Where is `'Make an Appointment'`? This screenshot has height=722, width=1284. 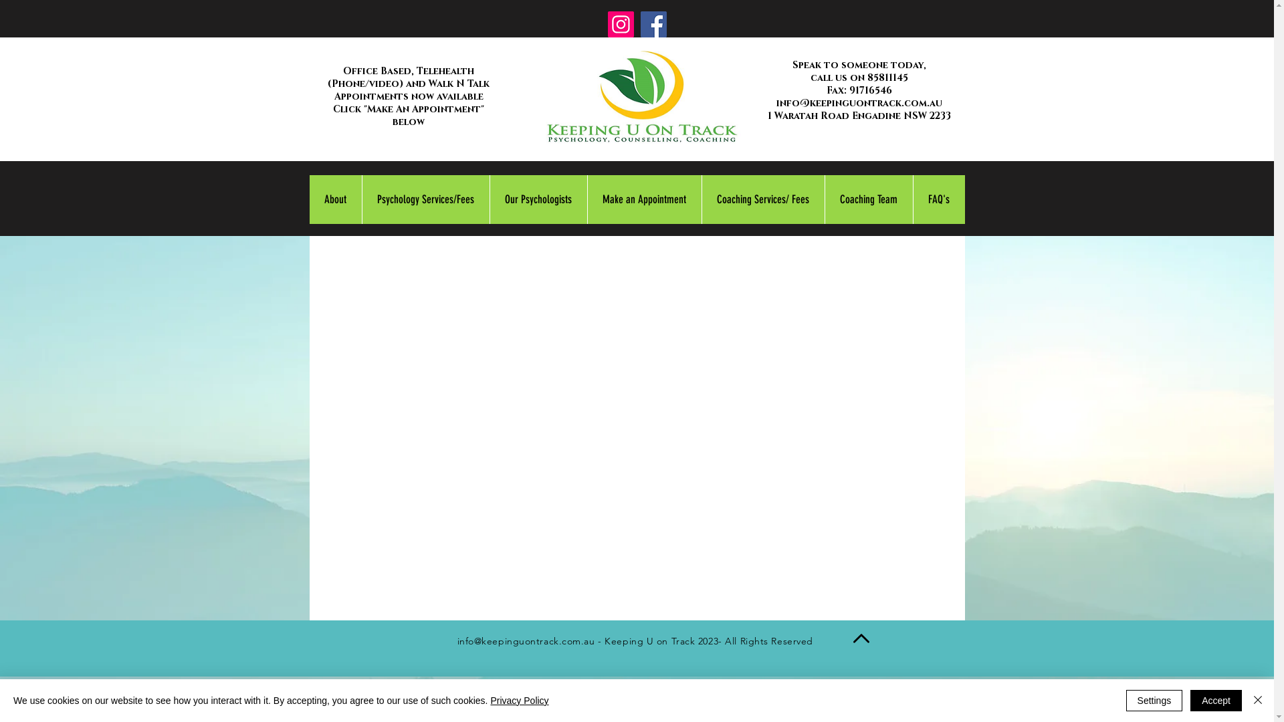
'Make an Appointment' is located at coordinates (644, 199).